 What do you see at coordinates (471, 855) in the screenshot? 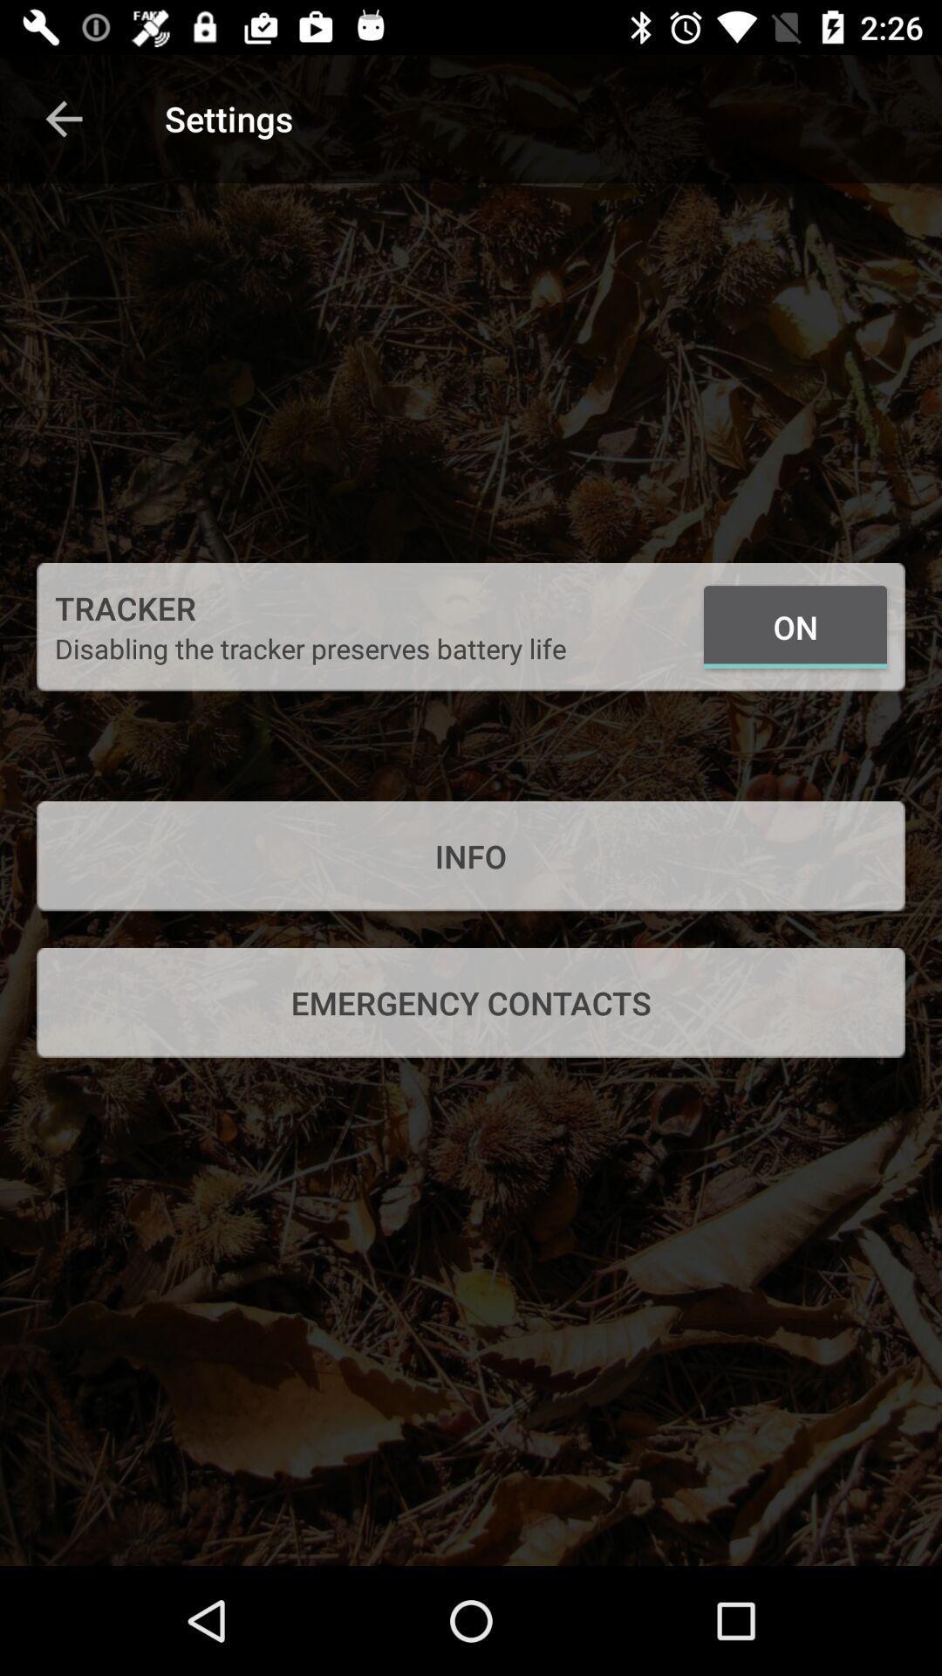
I see `icon below on item` at bounding box center [471, 855].